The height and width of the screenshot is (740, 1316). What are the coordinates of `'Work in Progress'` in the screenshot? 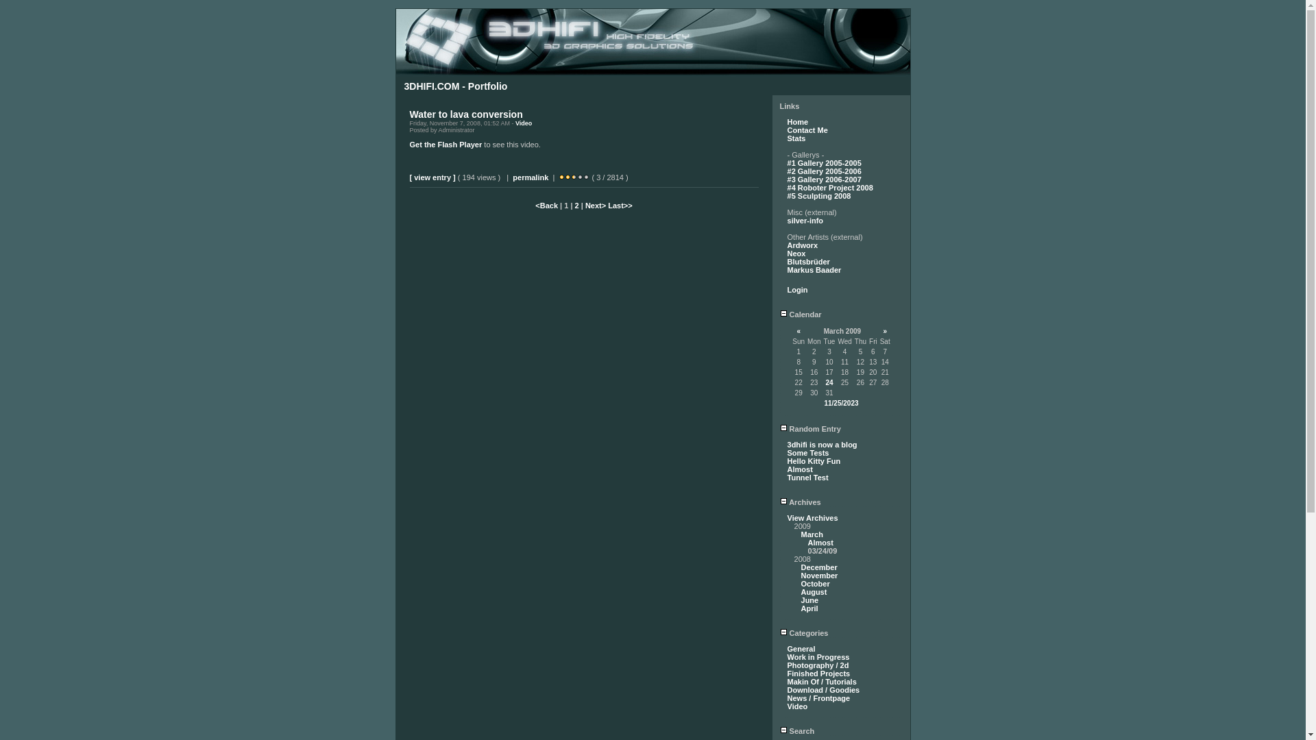 It's located at (787, 656).